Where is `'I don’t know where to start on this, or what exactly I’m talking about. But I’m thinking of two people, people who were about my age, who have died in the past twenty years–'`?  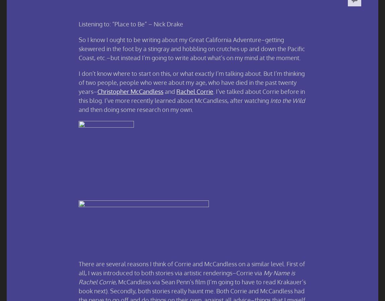
'I don’t know where to start on this, or what exactly I’m talking about. But I’m thinking of two people, people who were about my age, who have died in the past twenty years–' is located at coordinates (191, 82).